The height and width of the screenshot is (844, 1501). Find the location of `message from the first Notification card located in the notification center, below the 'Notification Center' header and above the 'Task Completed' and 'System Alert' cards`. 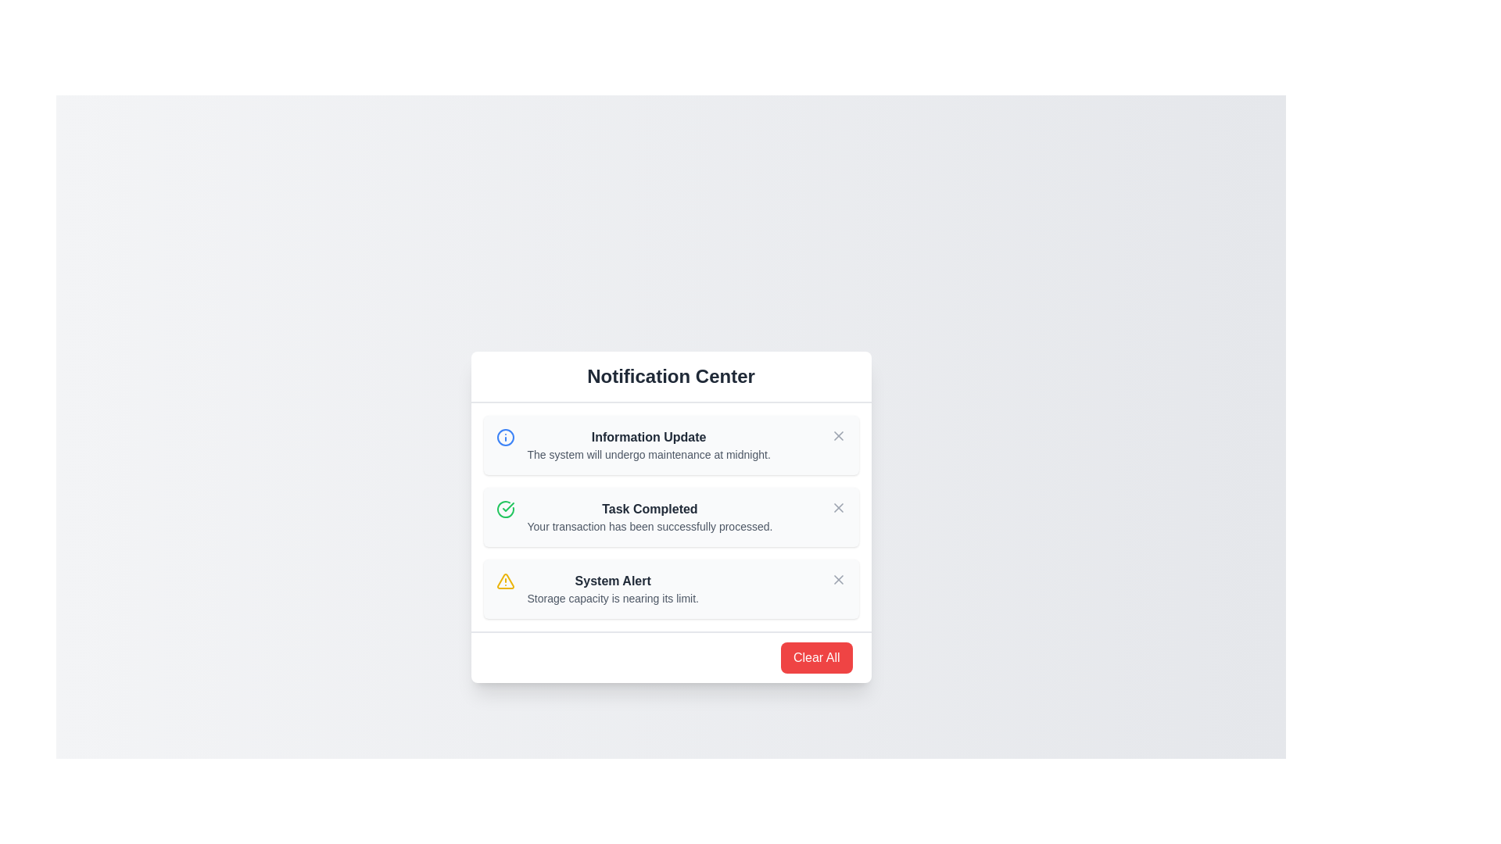

message from the first Notification card located in the notification center, below the 'Notification Center' header and above the 'Task Completed' and 'System Alert' cards is located at coordinates (671, 445).